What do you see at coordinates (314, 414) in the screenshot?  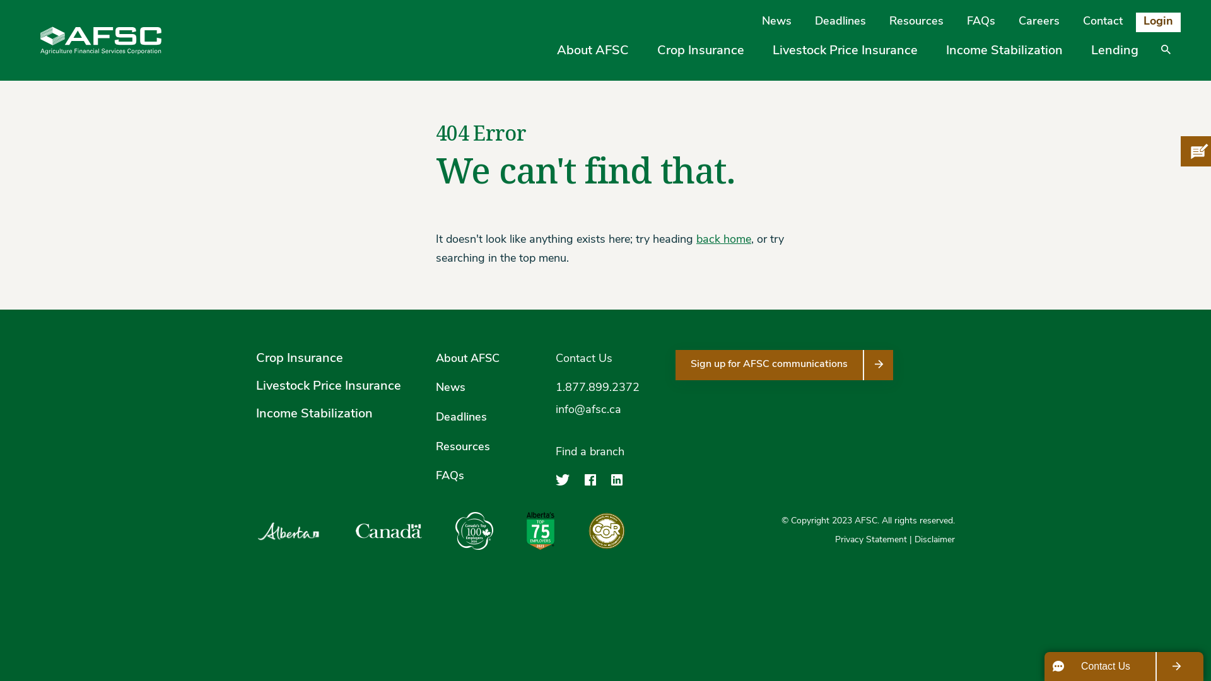 I see `'Income Stabilization'` at bounding box center [314, 414].